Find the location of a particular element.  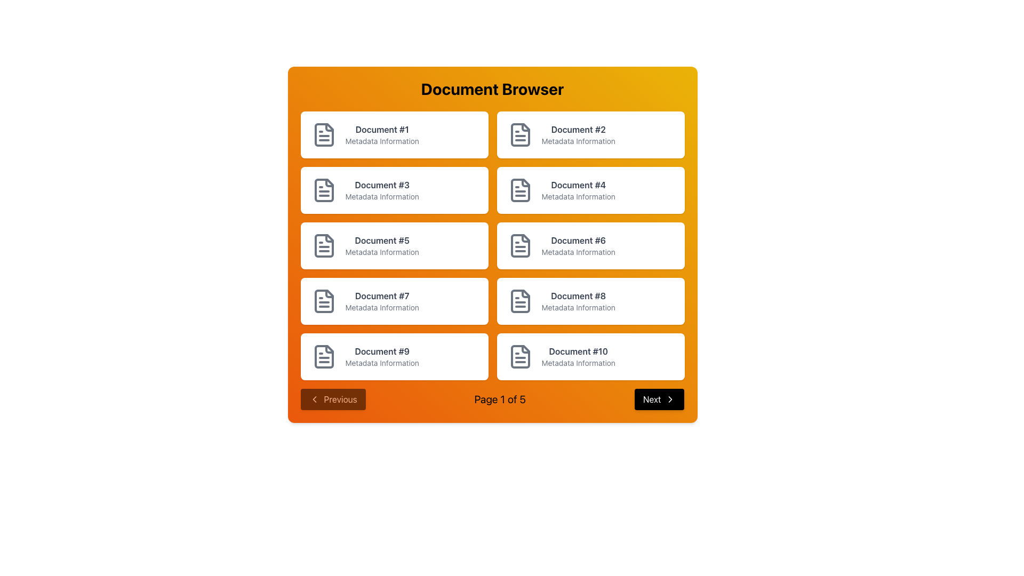

the text element displaying 'Document #9' and its description 'Metadata Information' for additional information is located at coordinates (382, 356).